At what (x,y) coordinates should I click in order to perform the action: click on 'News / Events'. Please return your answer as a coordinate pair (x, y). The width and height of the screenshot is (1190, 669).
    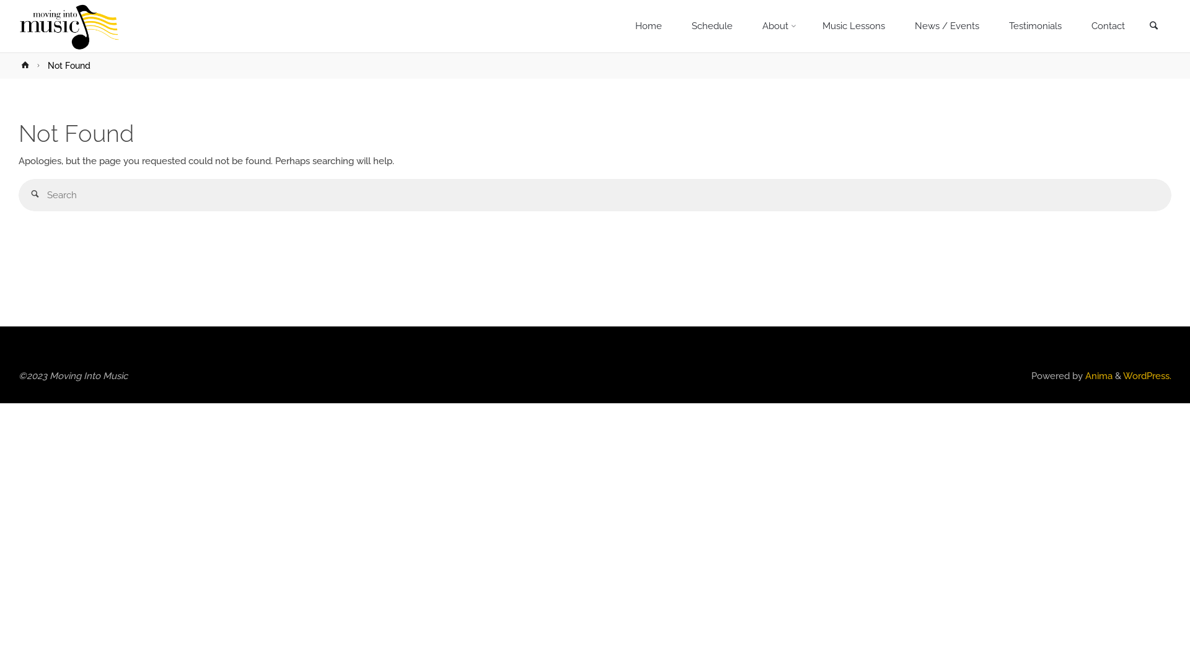
    Looking at the image, I should click on (946, 26).